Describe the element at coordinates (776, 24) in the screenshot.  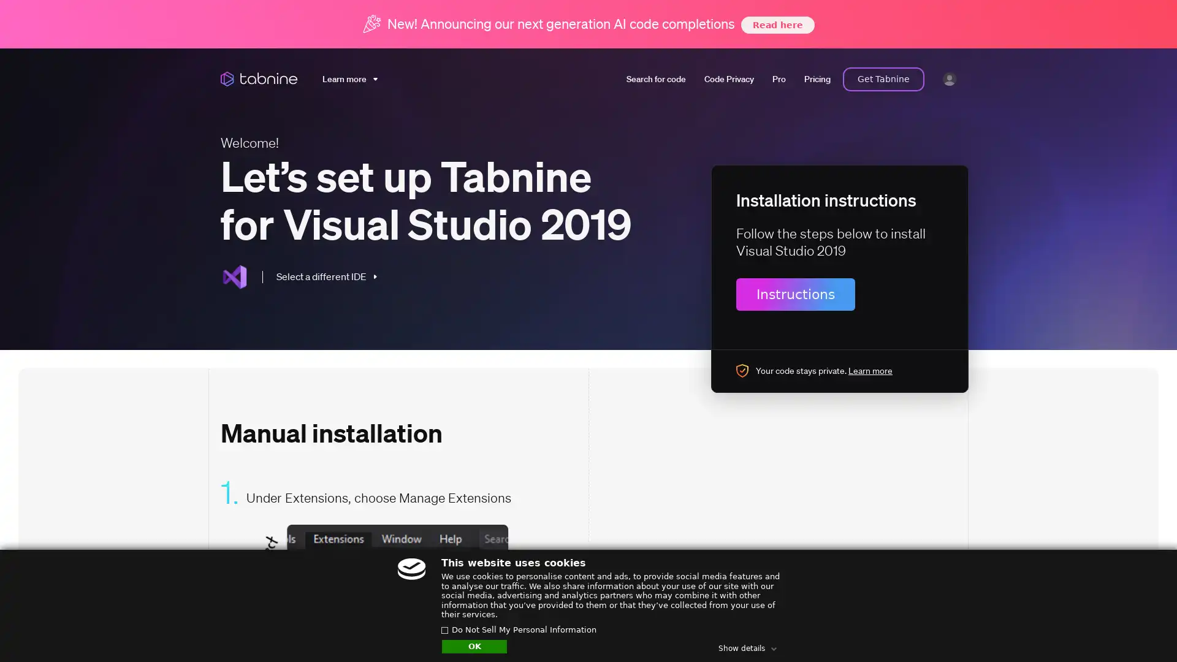
I see `Read here` at that location.